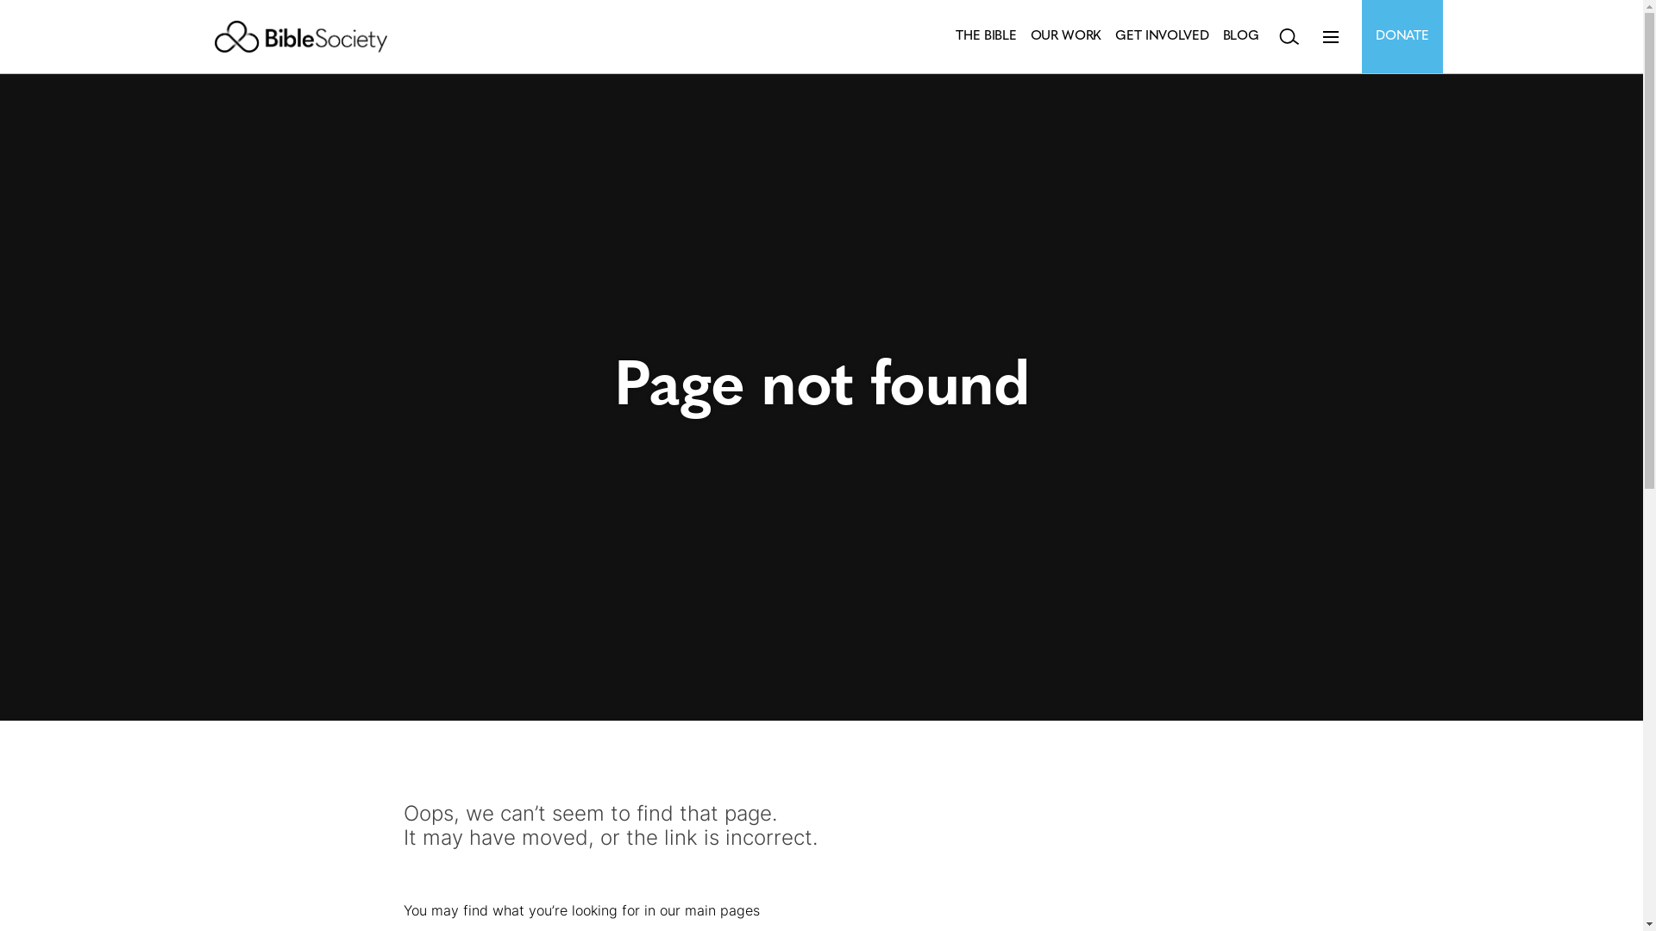 The height and width of the screenshot is (931, 1656). What do you see at coordinates (300, 36) in the screenshot?
I see `'Return to the Bible Society Homepage'` at bounding box center [300, 36].